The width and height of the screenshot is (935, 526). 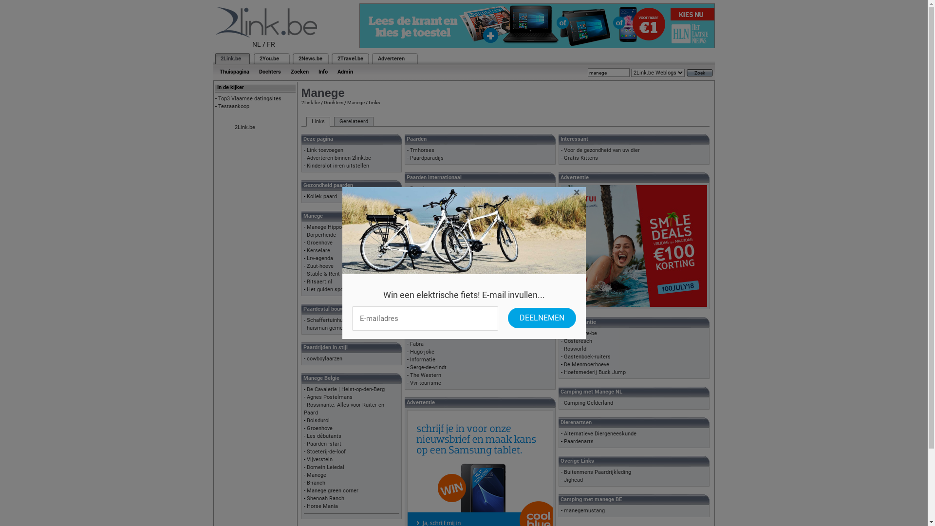 What do you see at coordinates (318, 250) in the screenshot?
I see `'Kerselare'` at bounding box center [318, 250].